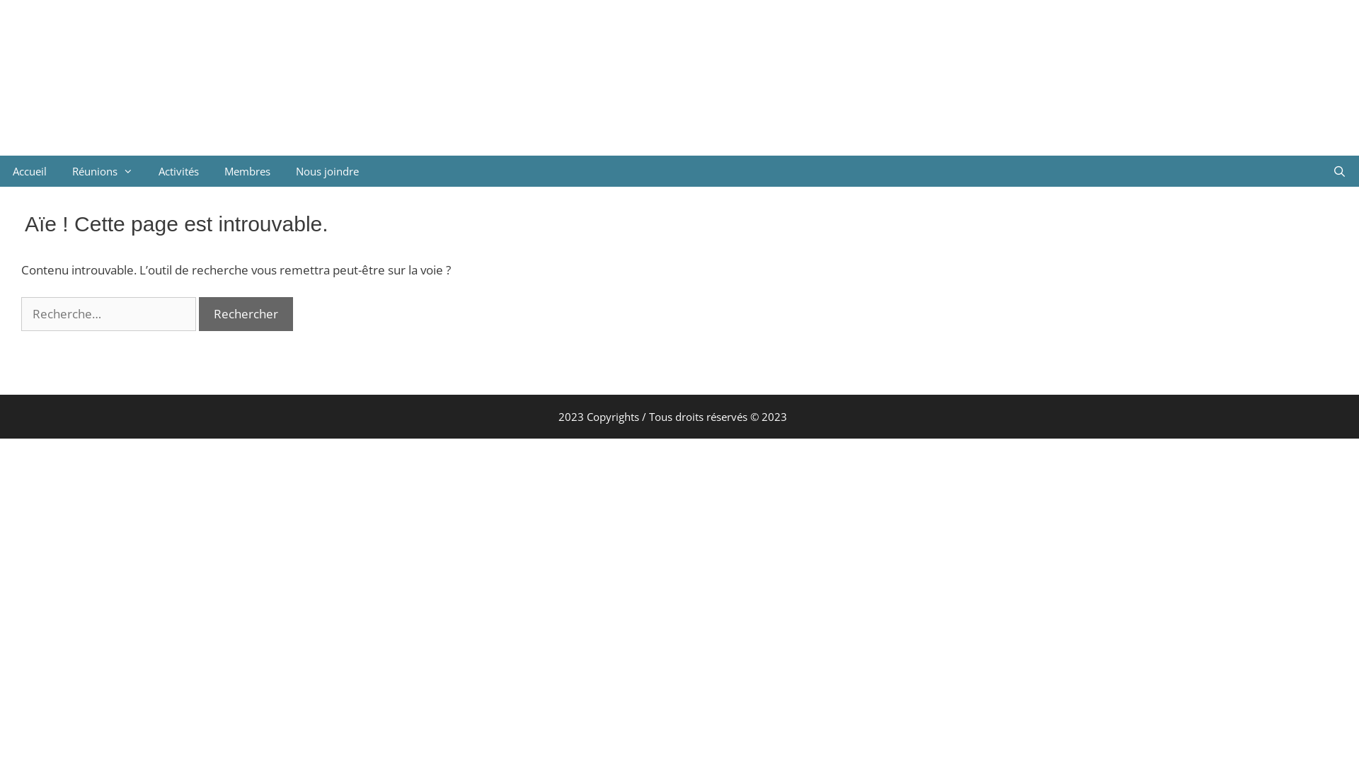 This screenshot has height=764, width=1359. What do you see at coordinates (246, 313) in the screenshot?
I see `'Rechercher'` at bounding box center [246, 313].